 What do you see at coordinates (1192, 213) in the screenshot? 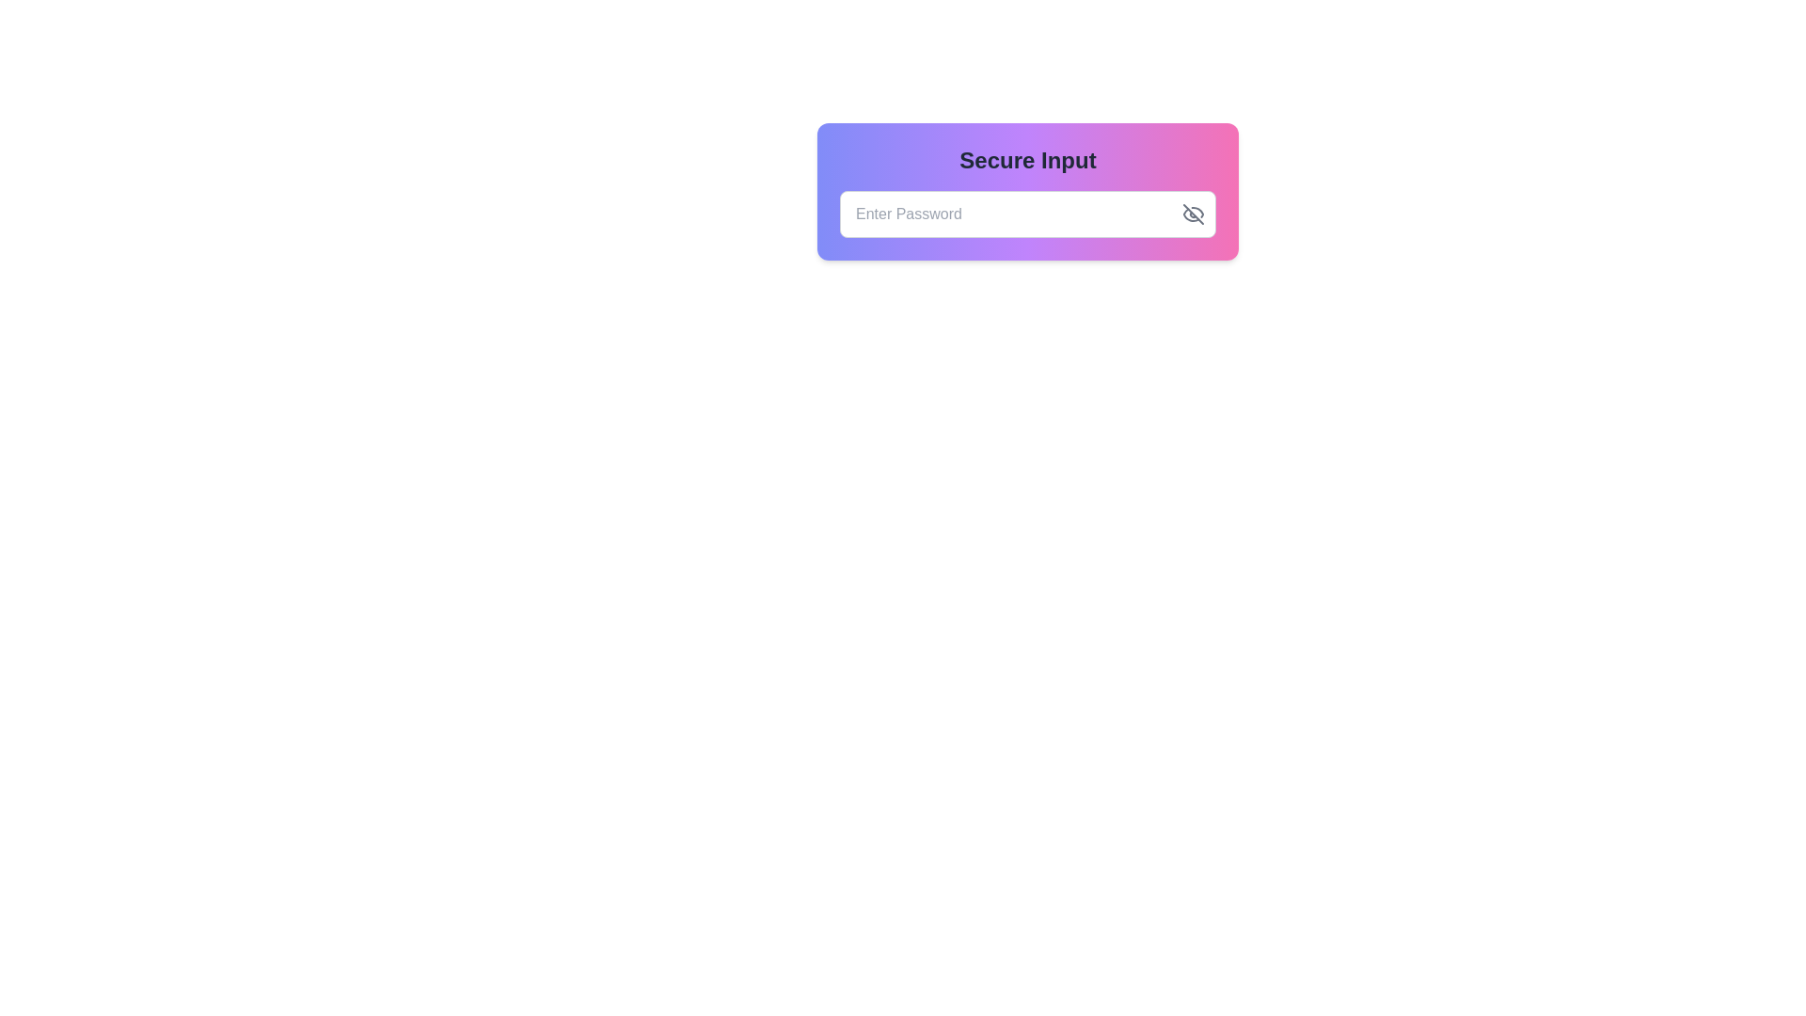
I see `the button with an icon for toggling visibility` at bounding box center [1192, 213].